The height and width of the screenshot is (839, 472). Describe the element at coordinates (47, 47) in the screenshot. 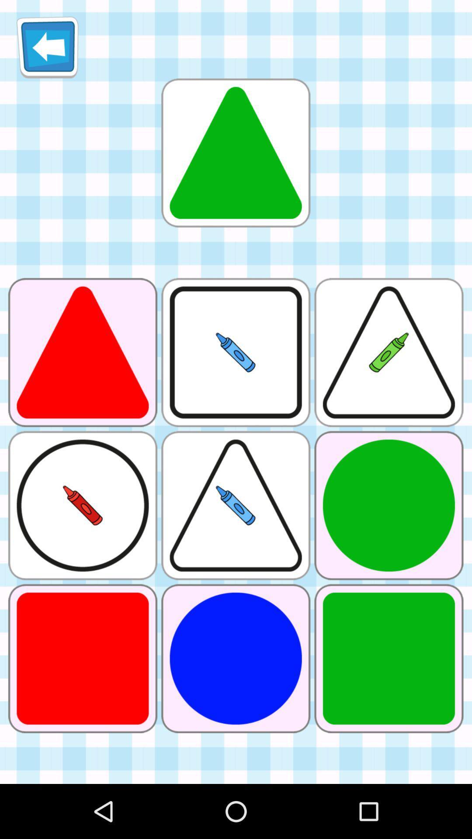

I see `previous` at that location.